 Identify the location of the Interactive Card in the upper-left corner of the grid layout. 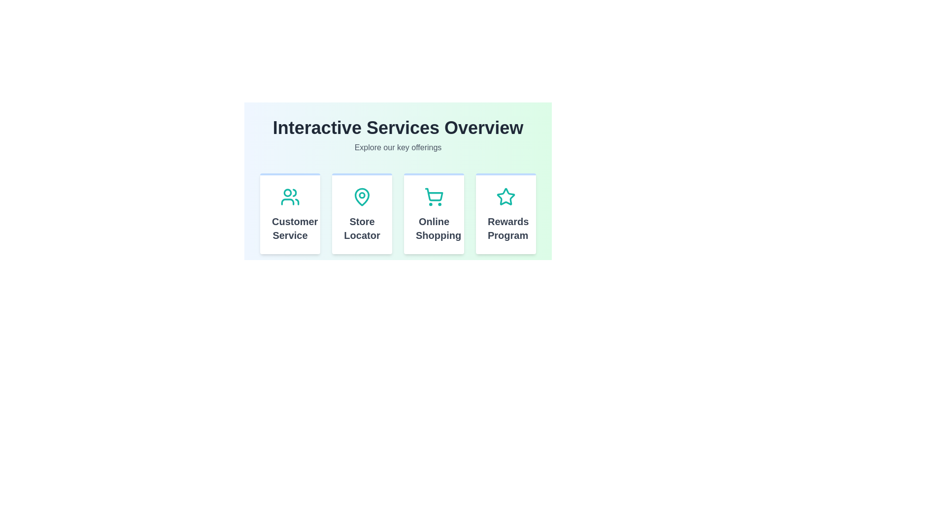
(290, 213).